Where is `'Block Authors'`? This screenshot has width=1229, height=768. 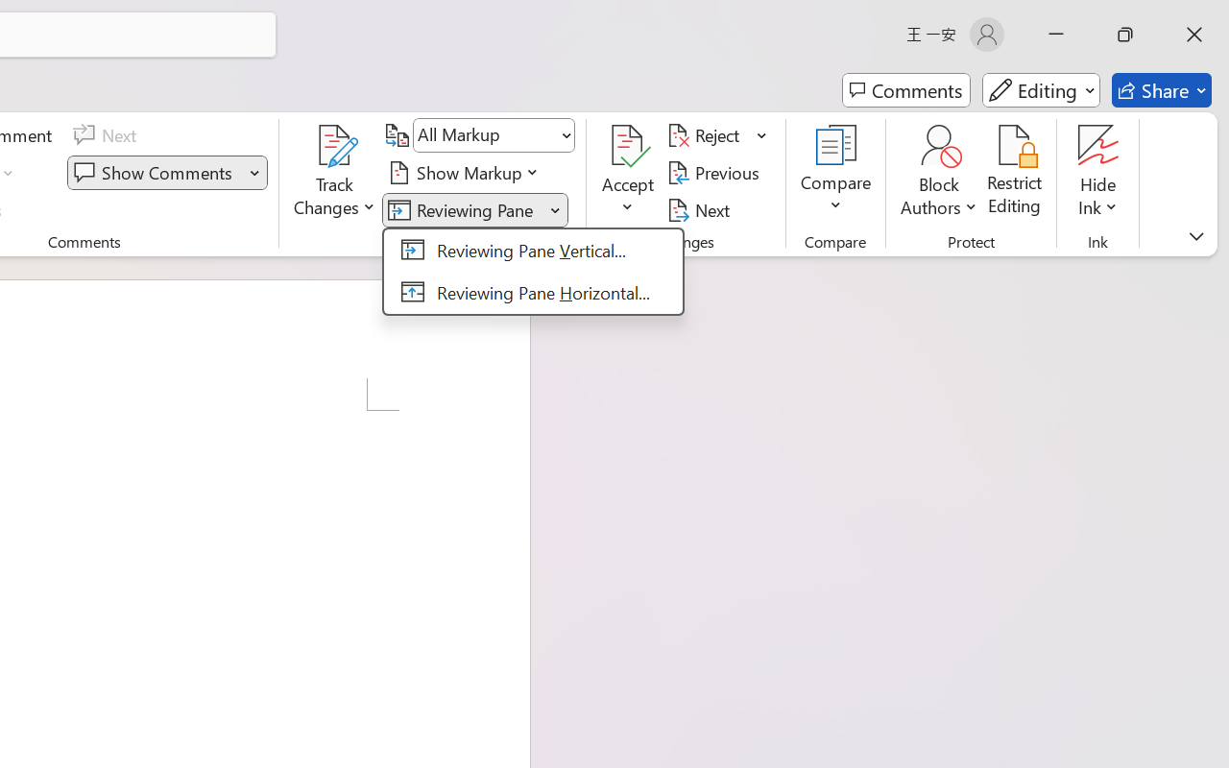
'Block Authors' is located at coordinates (938, 172).